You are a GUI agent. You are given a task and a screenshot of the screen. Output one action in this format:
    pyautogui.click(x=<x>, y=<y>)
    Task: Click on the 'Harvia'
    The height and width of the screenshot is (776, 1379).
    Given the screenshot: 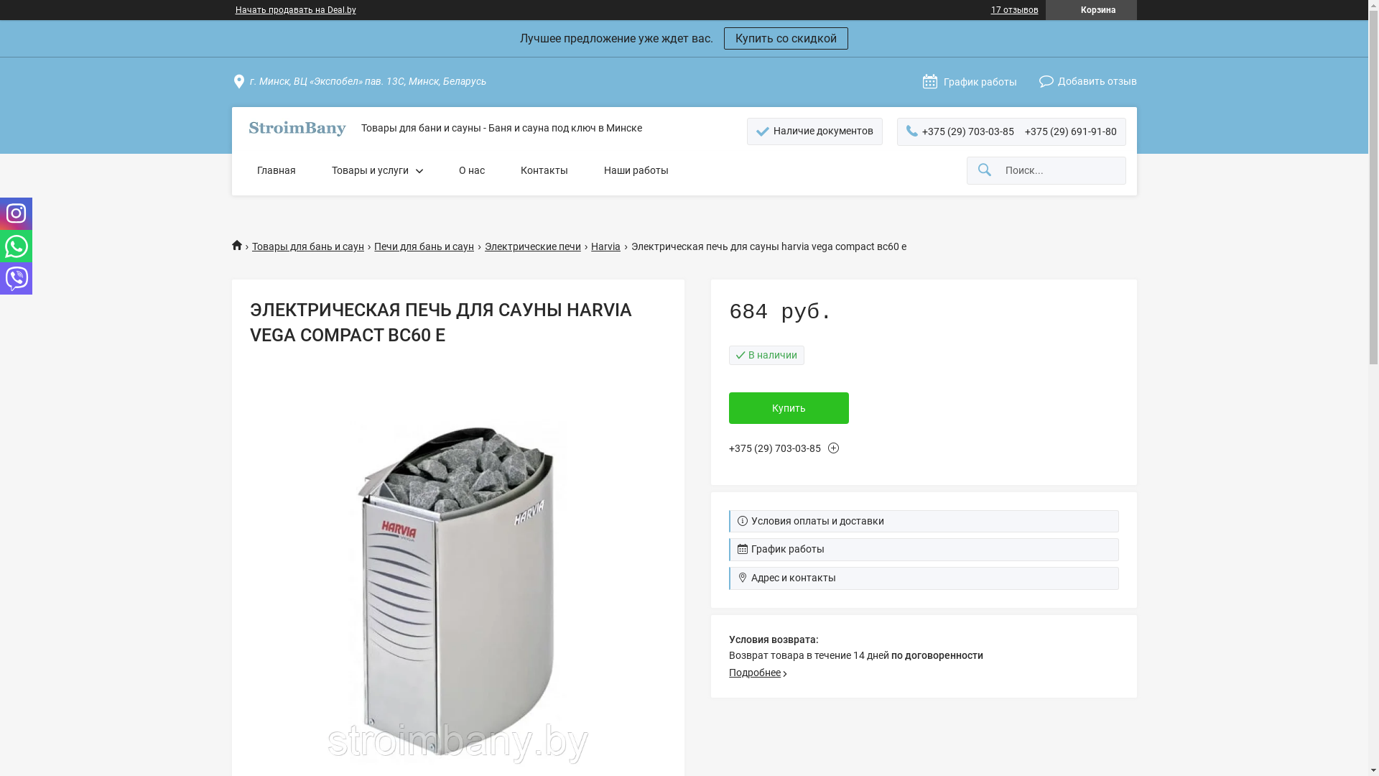 What is the action you would take?
    pyautogui.click(x=590, y=246)
    